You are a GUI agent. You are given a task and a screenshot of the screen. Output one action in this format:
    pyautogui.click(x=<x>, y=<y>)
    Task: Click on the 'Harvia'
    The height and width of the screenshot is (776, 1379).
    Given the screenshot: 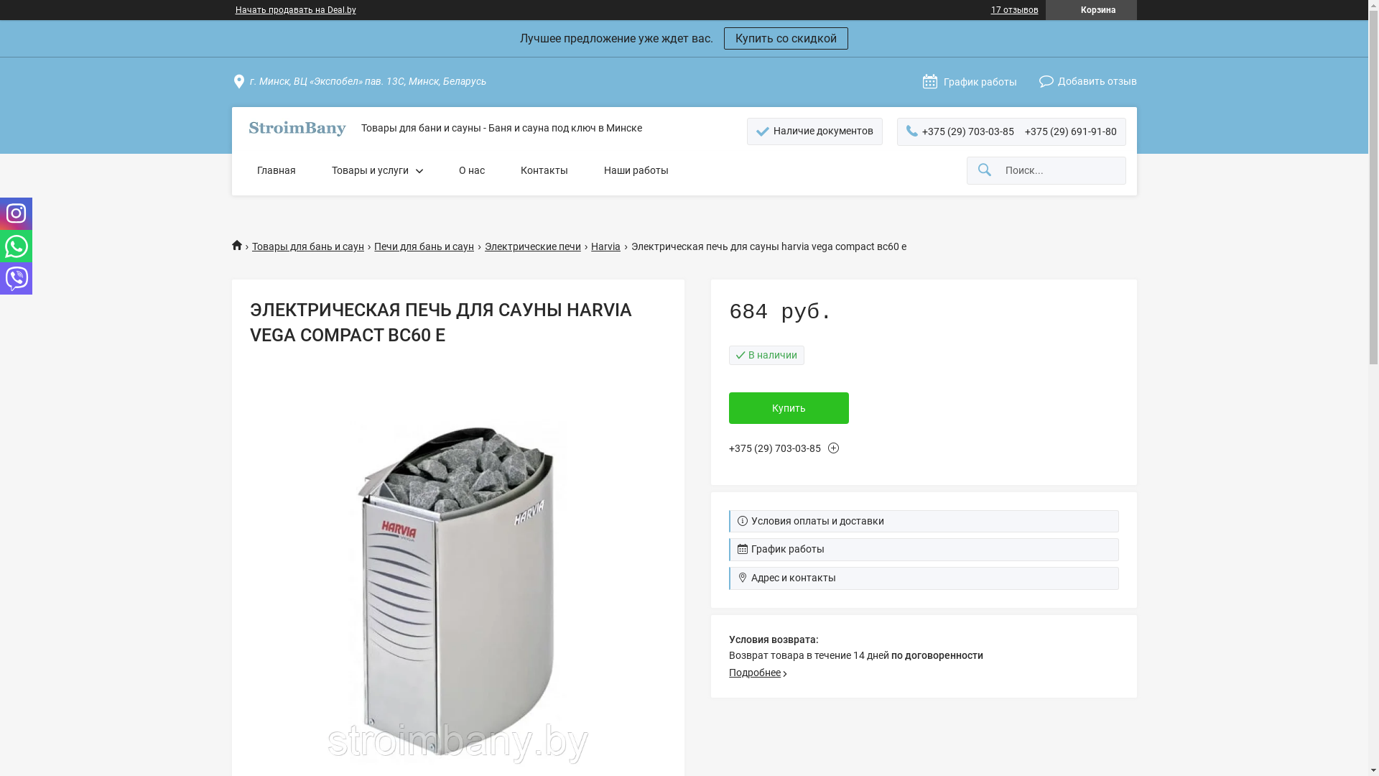 What is the action you would take?
    pyautogui.click(x=590, y=246)
    